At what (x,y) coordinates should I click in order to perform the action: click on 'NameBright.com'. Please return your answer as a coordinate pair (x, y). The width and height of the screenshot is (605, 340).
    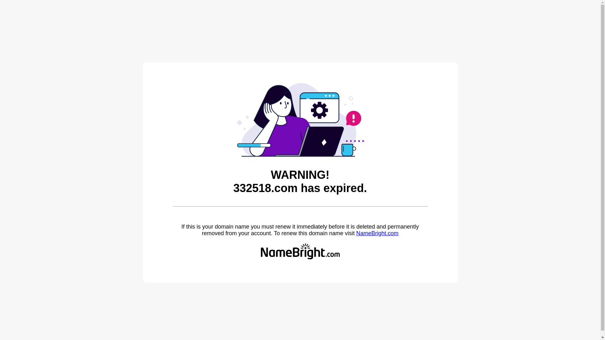
    Looking at the image, I should click on (356, 233).